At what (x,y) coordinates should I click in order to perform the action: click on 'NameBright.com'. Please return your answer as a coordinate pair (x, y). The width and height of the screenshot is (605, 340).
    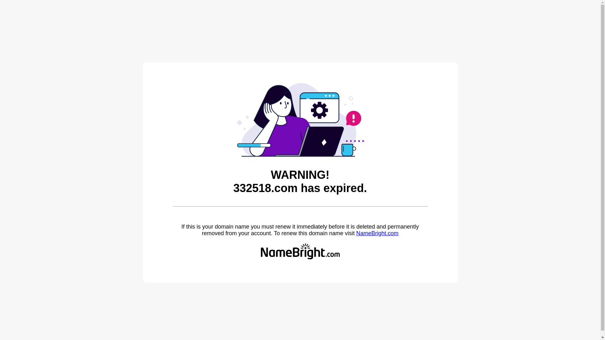
    Looking at the image, I should click on (356, 233).